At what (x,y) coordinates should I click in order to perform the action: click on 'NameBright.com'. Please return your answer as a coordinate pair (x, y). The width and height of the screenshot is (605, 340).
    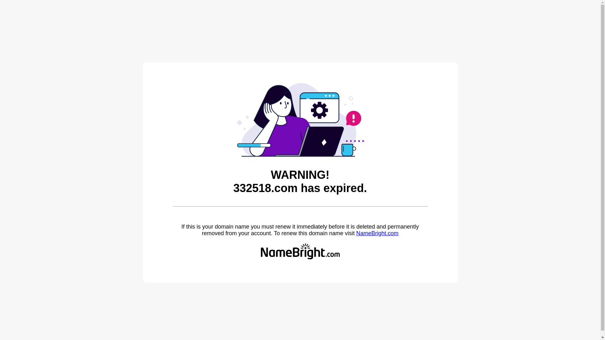
    Looking at the image, I should click on (356, 233).